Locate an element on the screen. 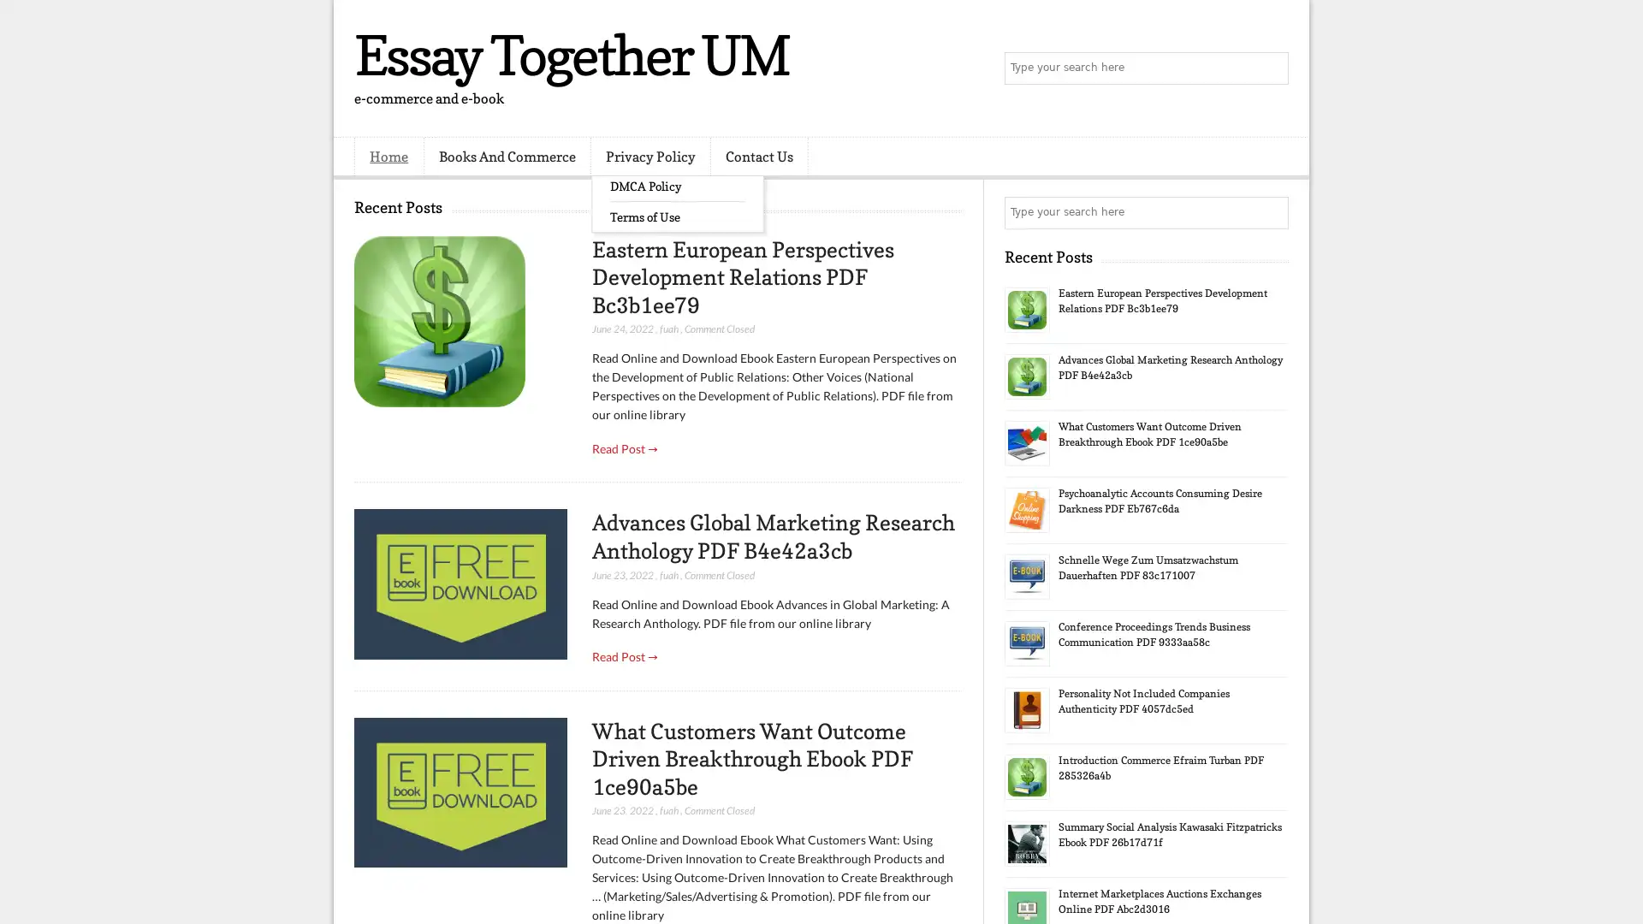 Image resolution: width=1643 pixels, height=924 pixels. Search is located at coordinates (1271, 212).